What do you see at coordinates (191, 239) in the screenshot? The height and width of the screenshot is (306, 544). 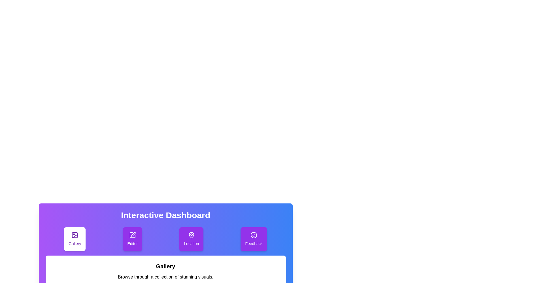 I see `the tab labeled Location by clicking on its button` at bounding box center [191, 239].